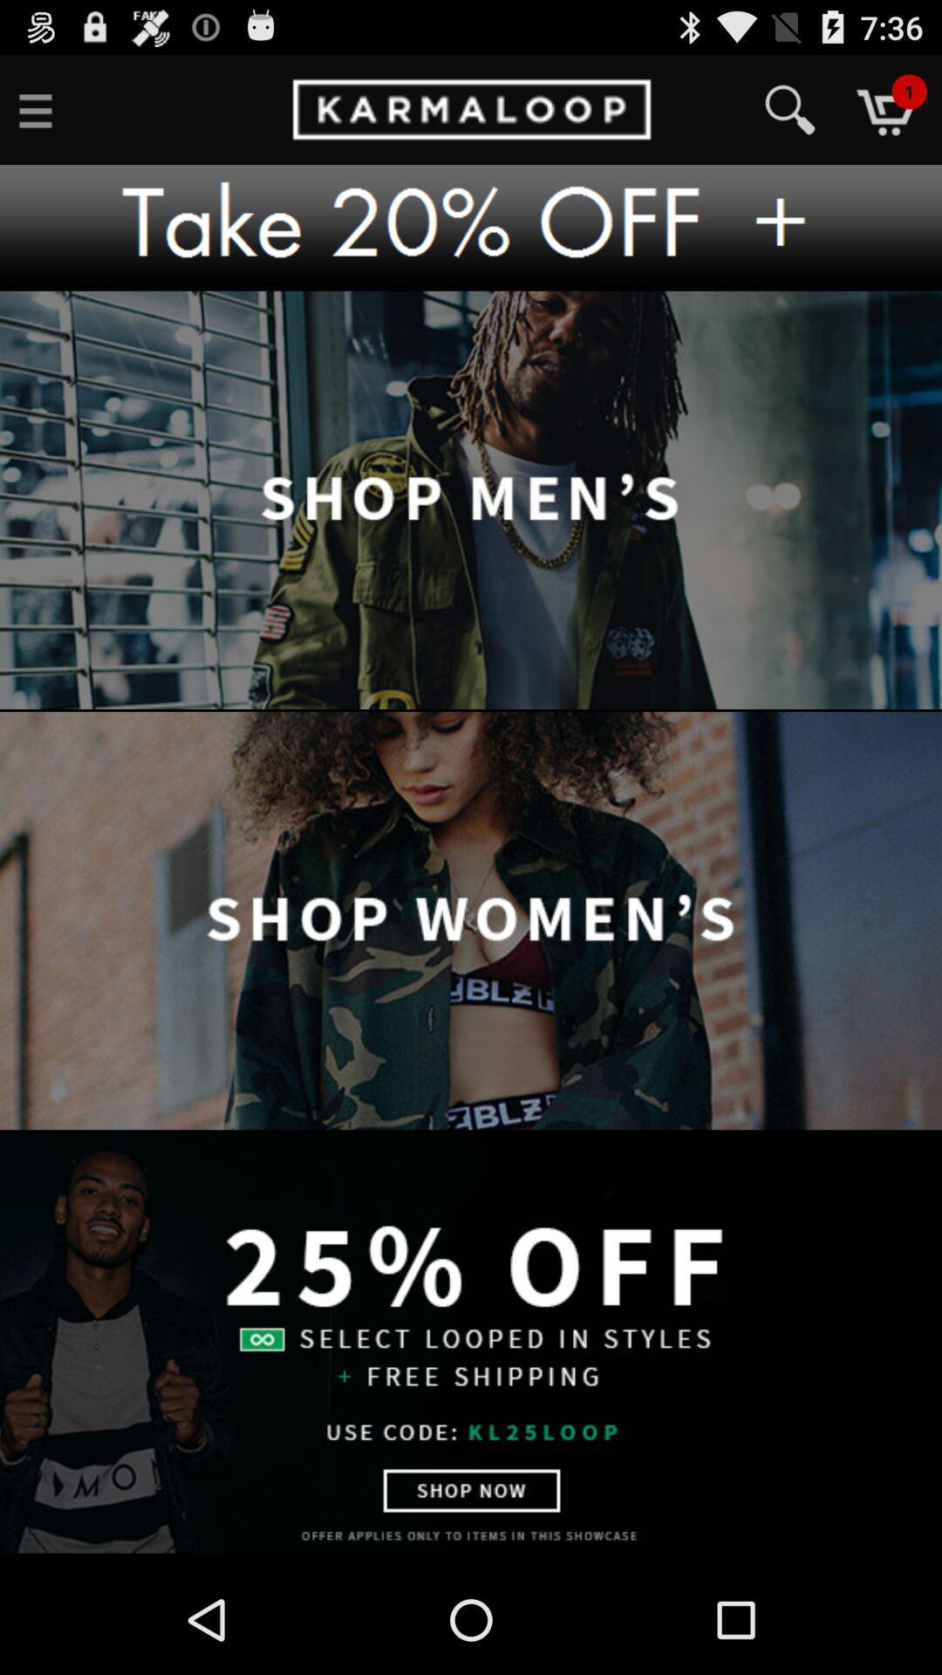 Image resolution: width=942 pixels, height=1675 pixels. What do you see at coordinates (471, 227) in the screenshot?
I see `adverstisement button` at bounding box center [471, 227].